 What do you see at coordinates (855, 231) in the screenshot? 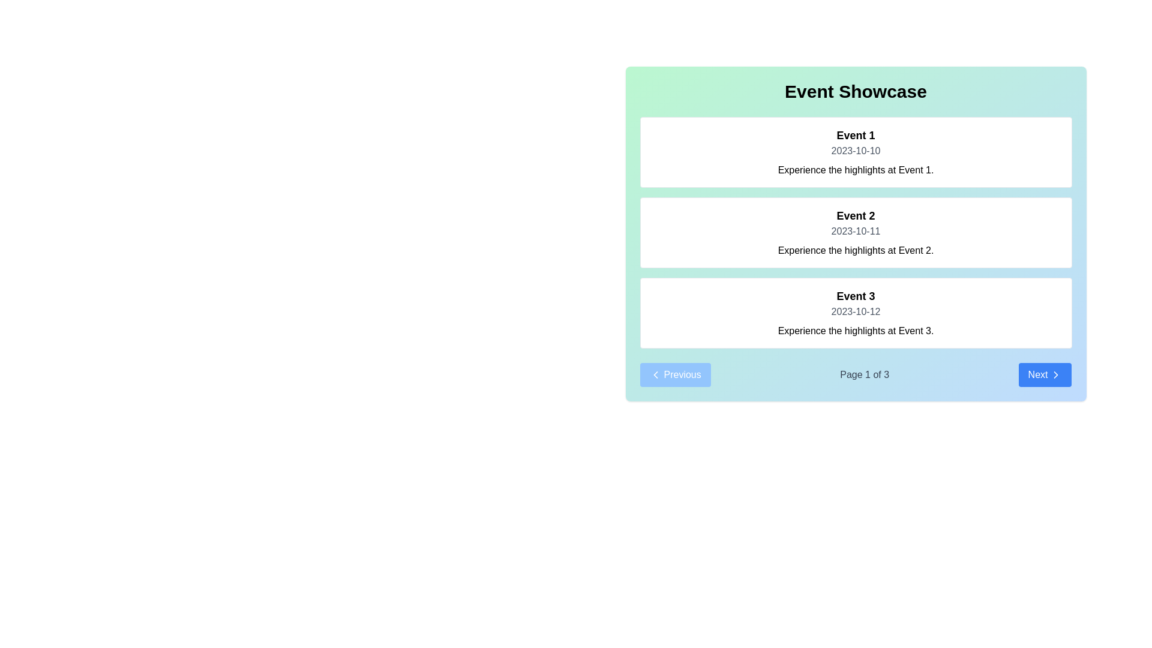
I see `the text label displaying the date of 'Event 2', which is centrally positioned below the title 'Event 2' and above the description 'Experience the highlights at Event 2'` at bounding box center [855, 231].